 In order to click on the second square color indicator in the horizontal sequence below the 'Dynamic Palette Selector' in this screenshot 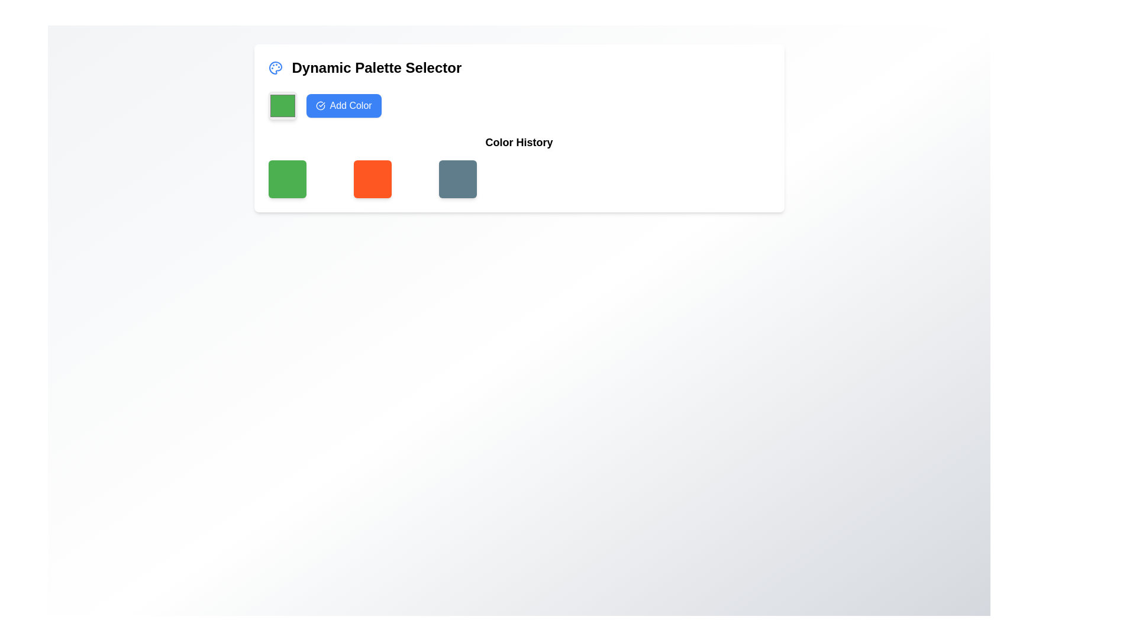, I will do `click(372, 179)`.